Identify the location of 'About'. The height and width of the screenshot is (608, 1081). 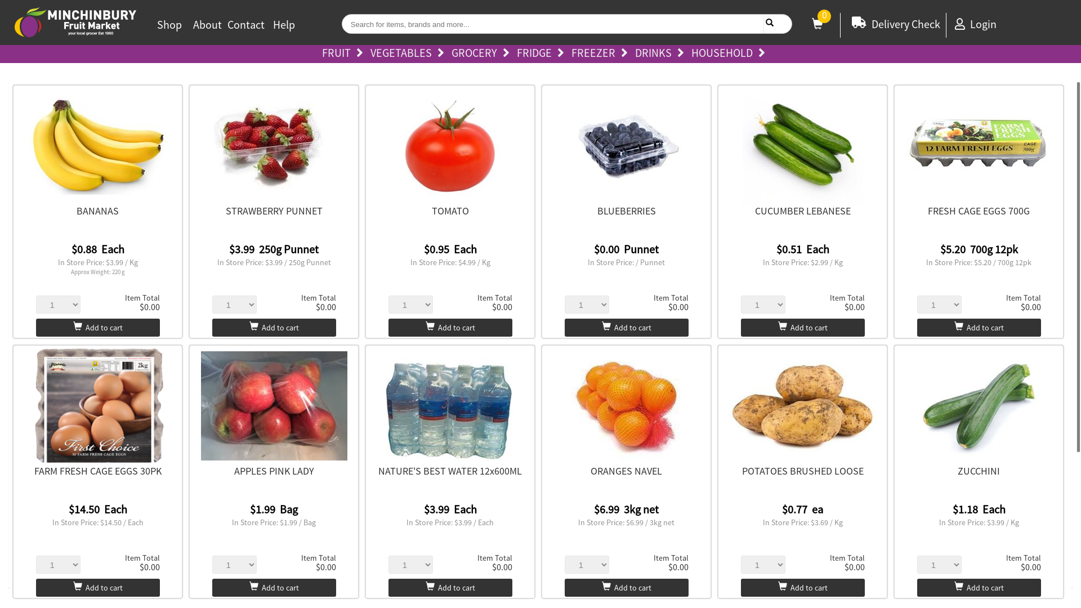
(207, 24).